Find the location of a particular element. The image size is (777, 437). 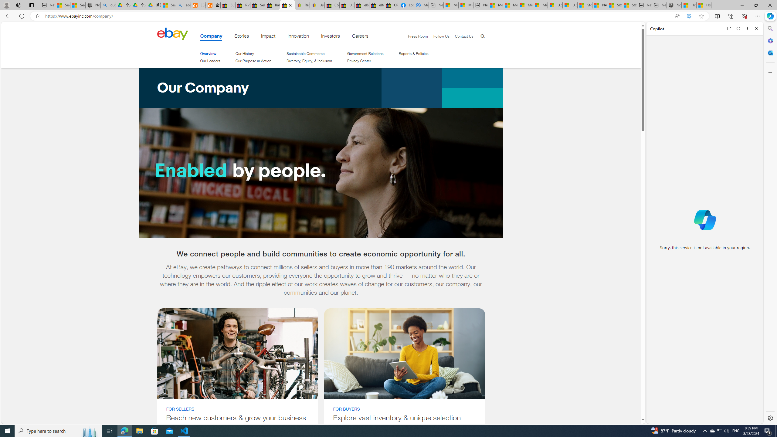

'Meta Store' is located at coordinates (421, 5).